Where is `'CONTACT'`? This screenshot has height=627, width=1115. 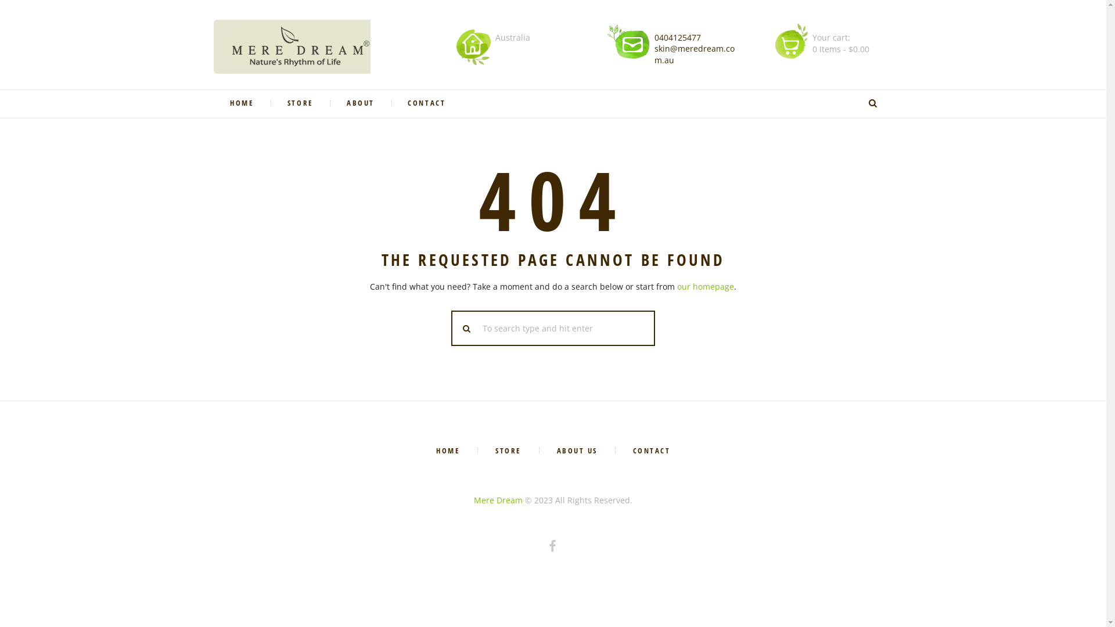
'CONTACT' is located at coordinates (426, 103).